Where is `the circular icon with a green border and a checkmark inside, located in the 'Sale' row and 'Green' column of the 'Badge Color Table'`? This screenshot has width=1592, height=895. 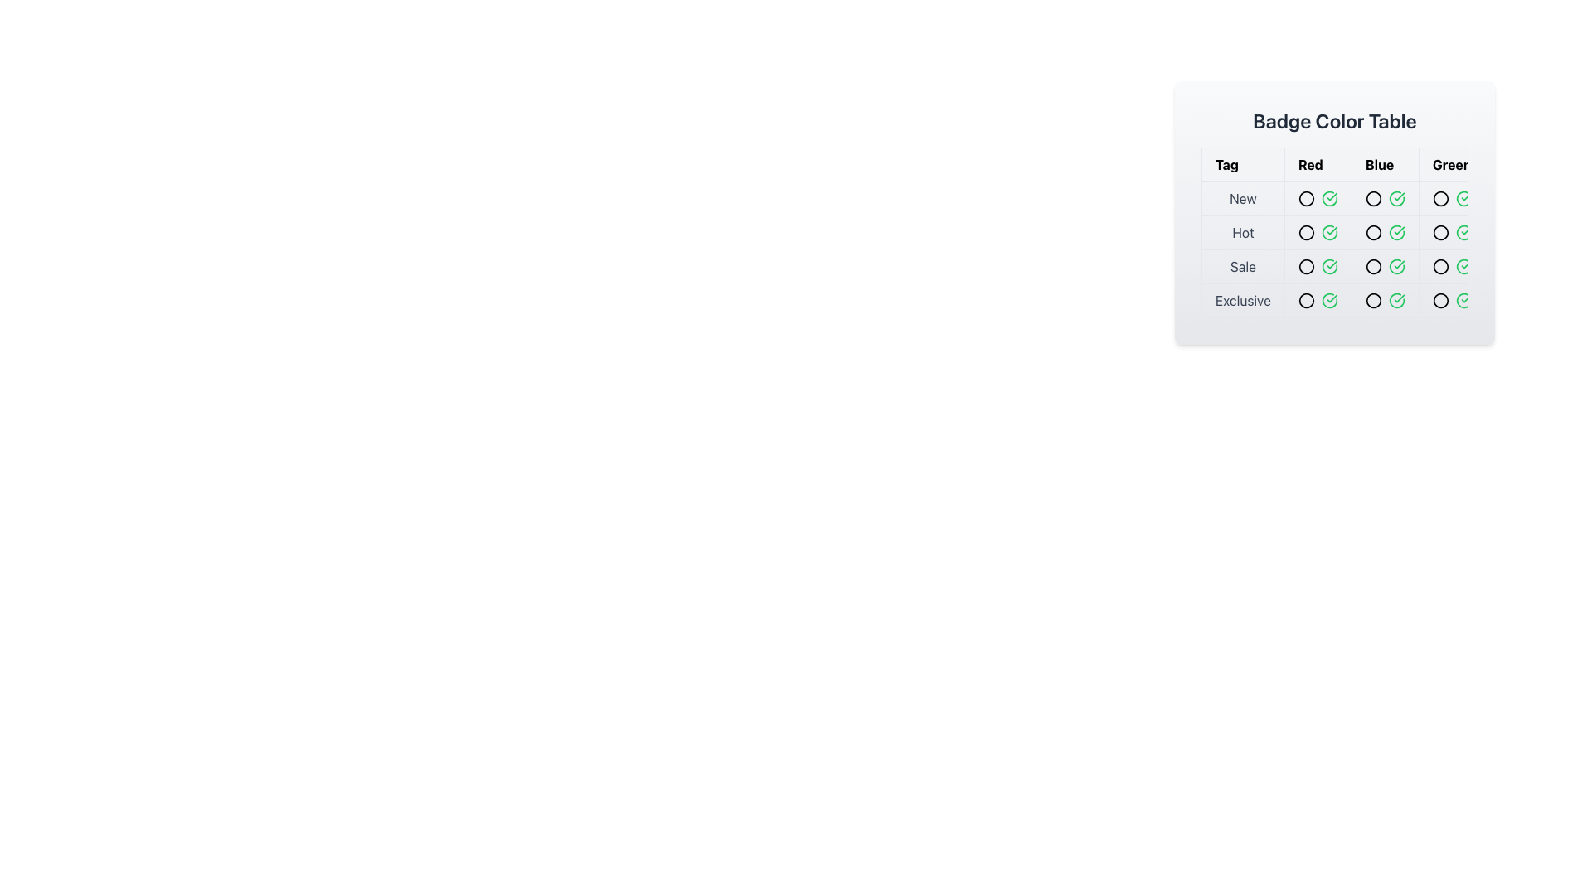
the circular icon with a green border and a checkmark inside, located in the 'Sale' row and 'Green' column of the 'Badge Color Table' is located at coordinates (1463, 265).